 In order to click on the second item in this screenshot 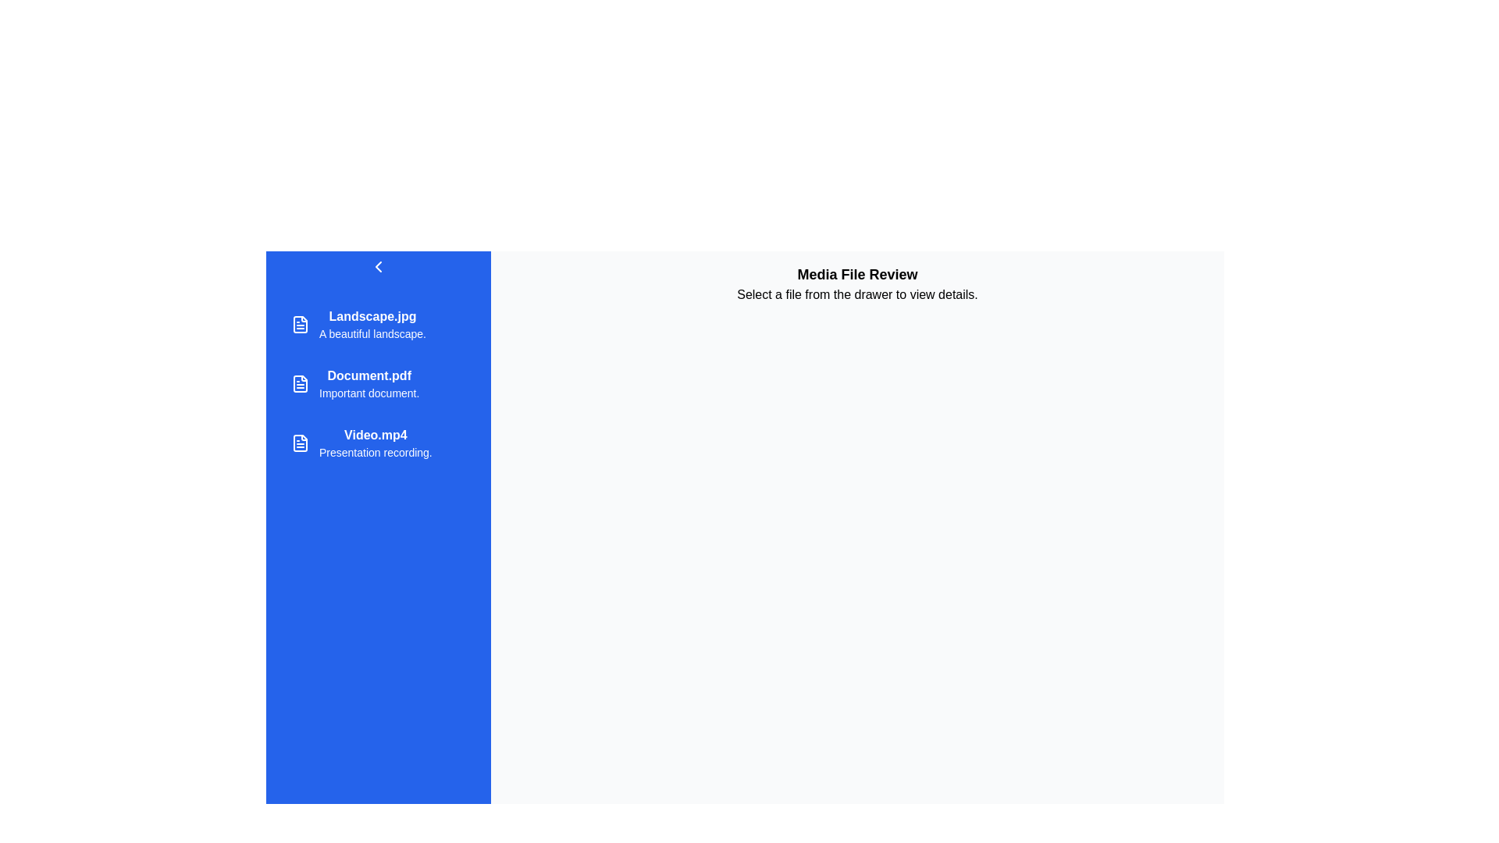, I will do `click(369, 384)`.